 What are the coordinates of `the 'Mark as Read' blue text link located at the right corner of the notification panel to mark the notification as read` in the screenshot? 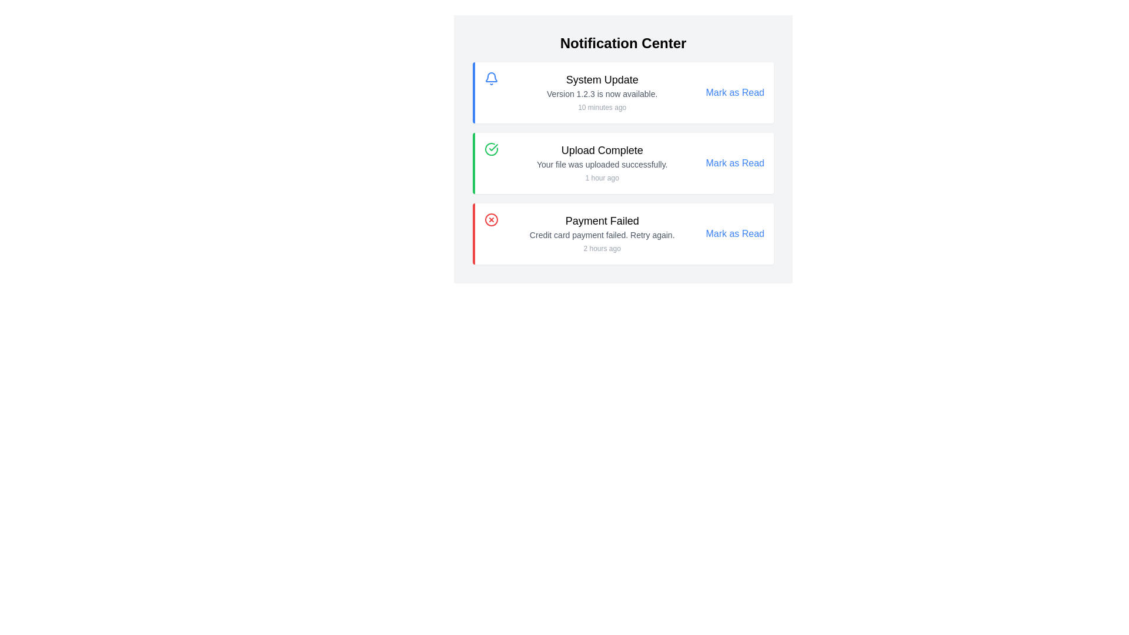 It's located at (734, 163).